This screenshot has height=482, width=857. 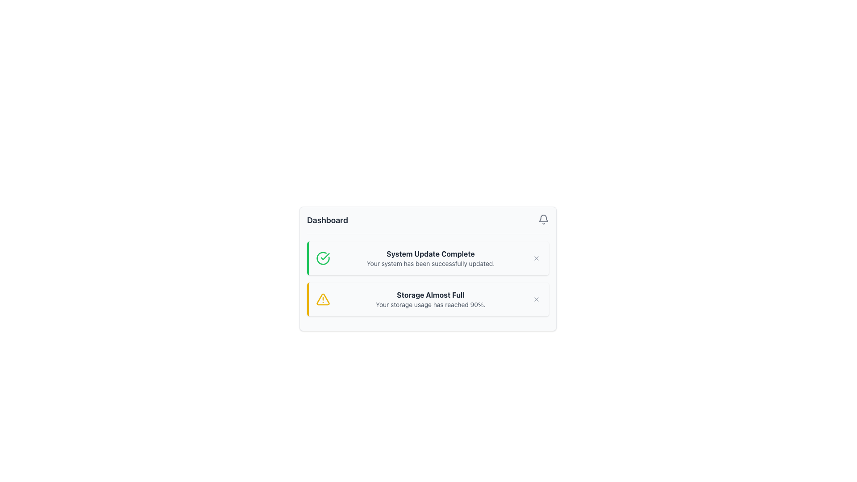 What do you see at coordinates (536, 299) in the screenshot?
I see `the close button located at the far-right of the 'Storage Almost Full' notification card` at bounding box center [536, 299].